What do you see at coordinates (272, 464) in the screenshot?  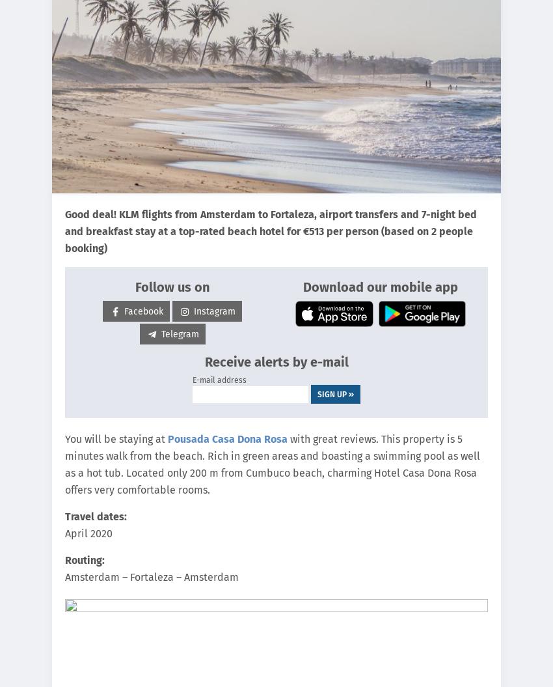 I see `'with great reviews. This property is 5 minutes walk from the beach. Rich in green areas and boasting a swimming pool as well as a hot tub. Located only 200 m from Cumbuco beach, charming Hotel Casa Dona Rosa offers very comfortable rooms.'` at bounding box center [272, 464].